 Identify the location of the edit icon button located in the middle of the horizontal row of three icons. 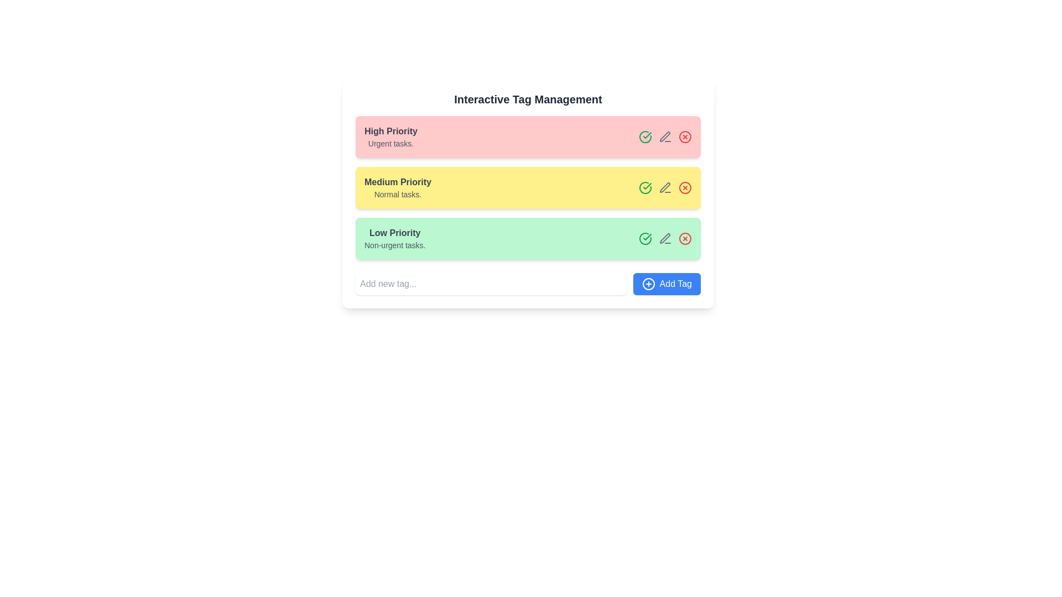
(665, 238).